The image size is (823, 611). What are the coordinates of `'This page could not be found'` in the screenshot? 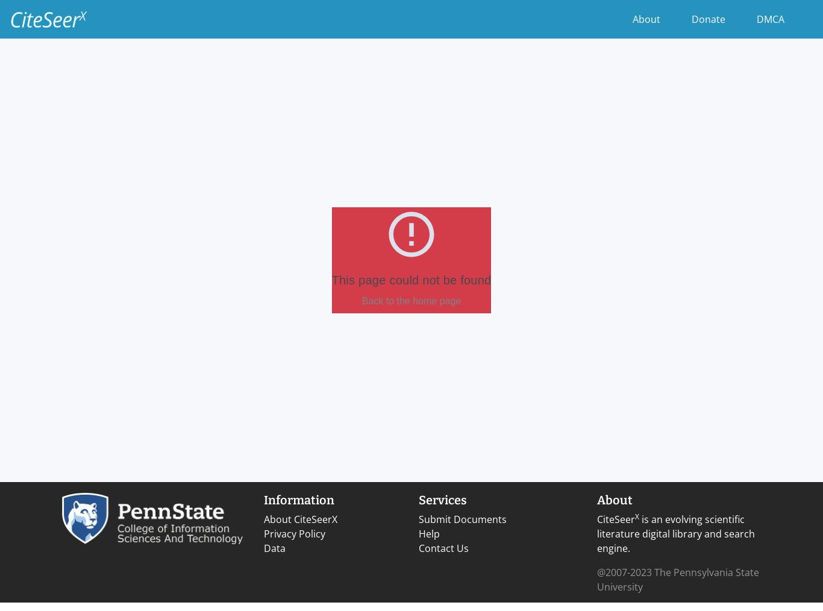 It's located at (410, 280).